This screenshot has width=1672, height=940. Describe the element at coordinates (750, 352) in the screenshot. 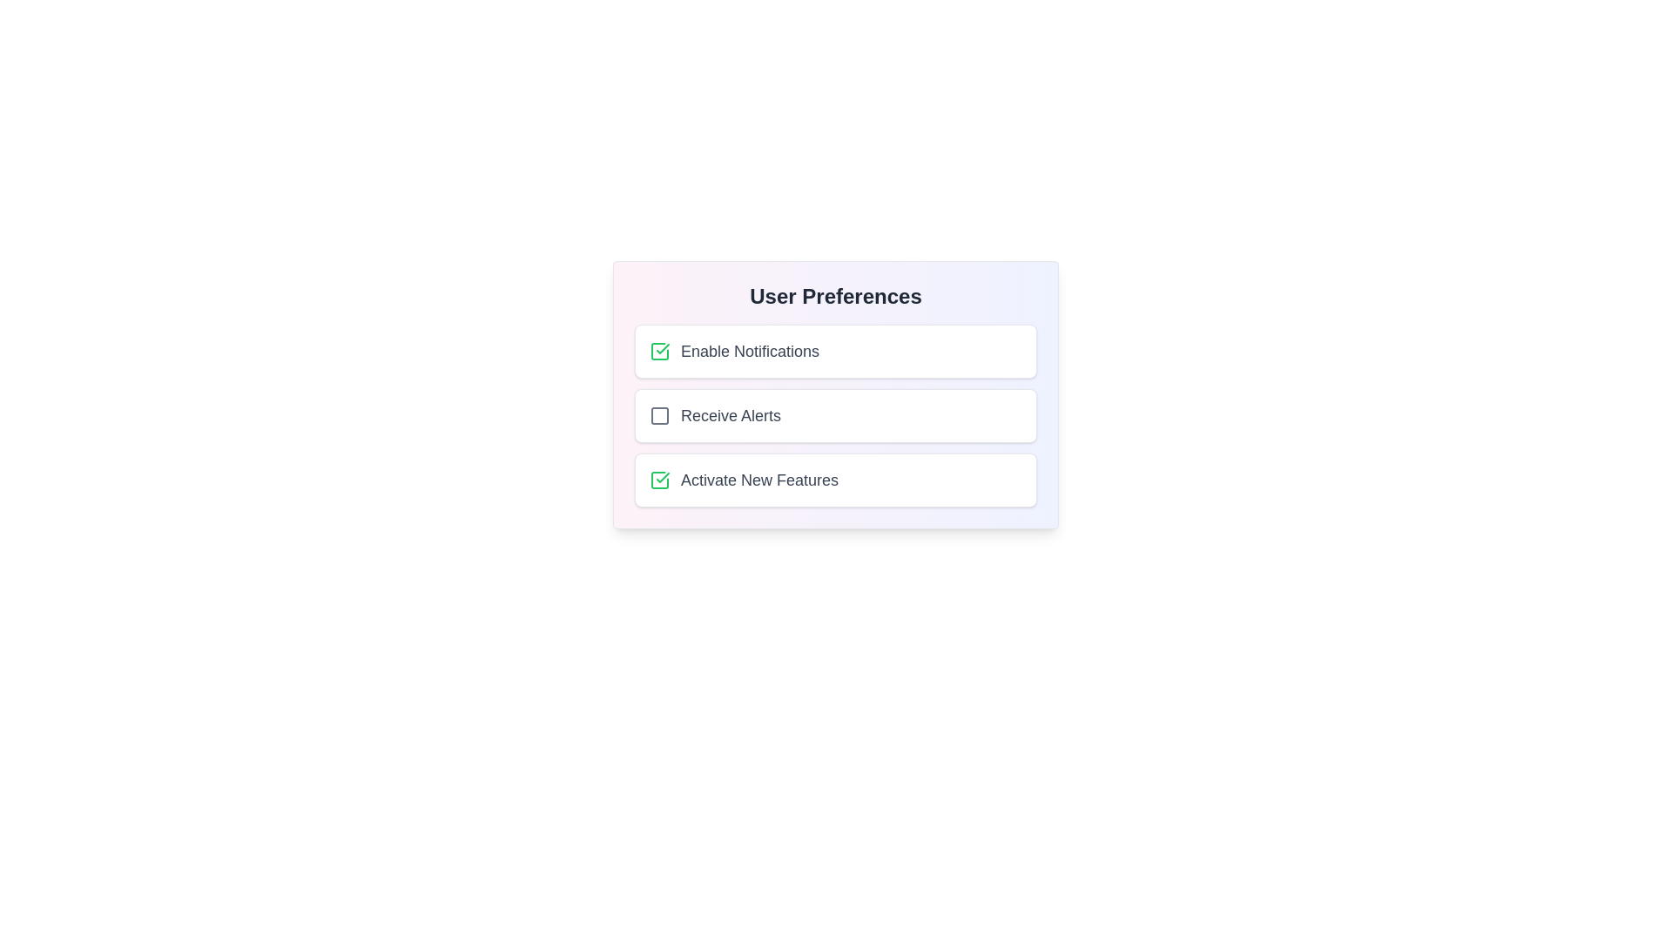

I see `the 'Enable Notifications' text label, which is styled with medium font weight and gray color, located to the right of a green checked checkbox in the user preferences section` at that location.